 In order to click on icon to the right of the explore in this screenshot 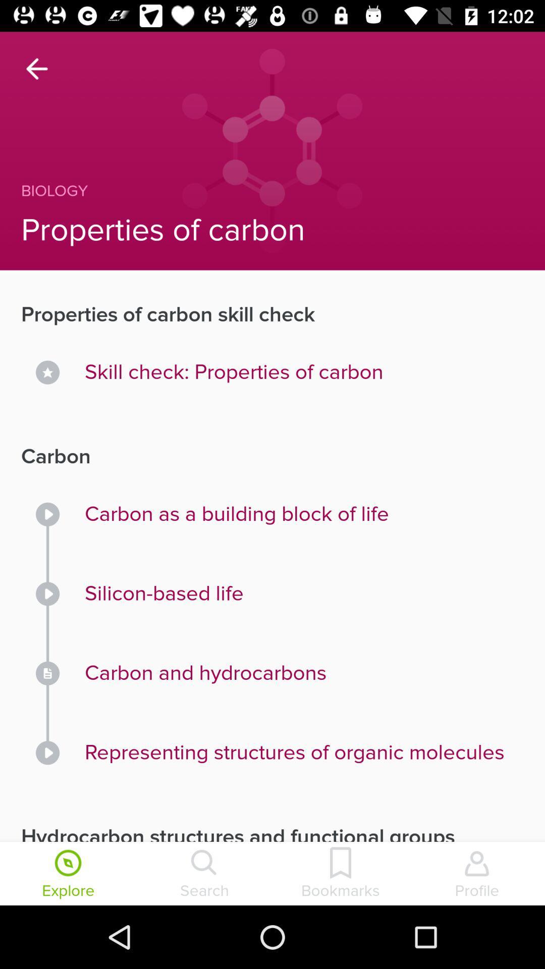, I will do `click(204, 874)`.